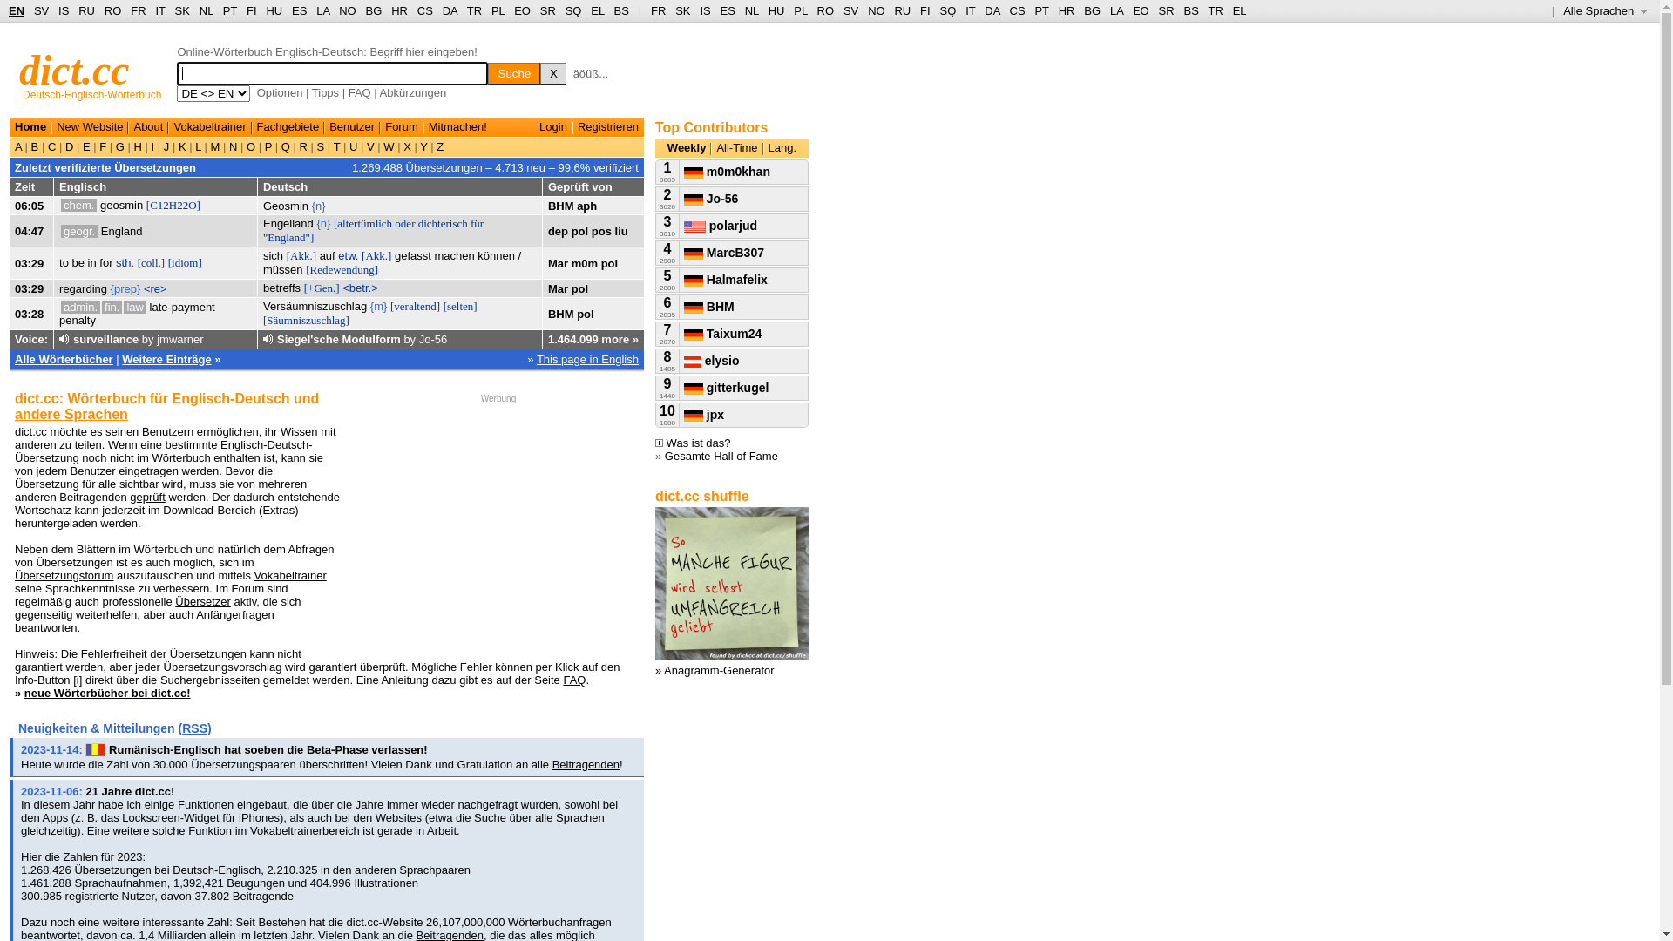  What do you see at coordinates (728, 10) in the screenshot?
I see `'ES'` at bounding box center [728, 10].